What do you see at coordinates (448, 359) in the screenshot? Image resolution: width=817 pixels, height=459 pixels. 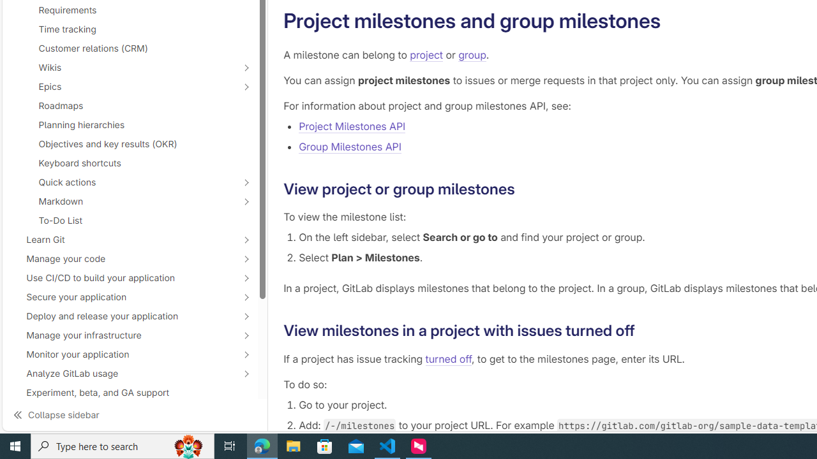 I see `'turned off'` at bounding box center [448, 359].